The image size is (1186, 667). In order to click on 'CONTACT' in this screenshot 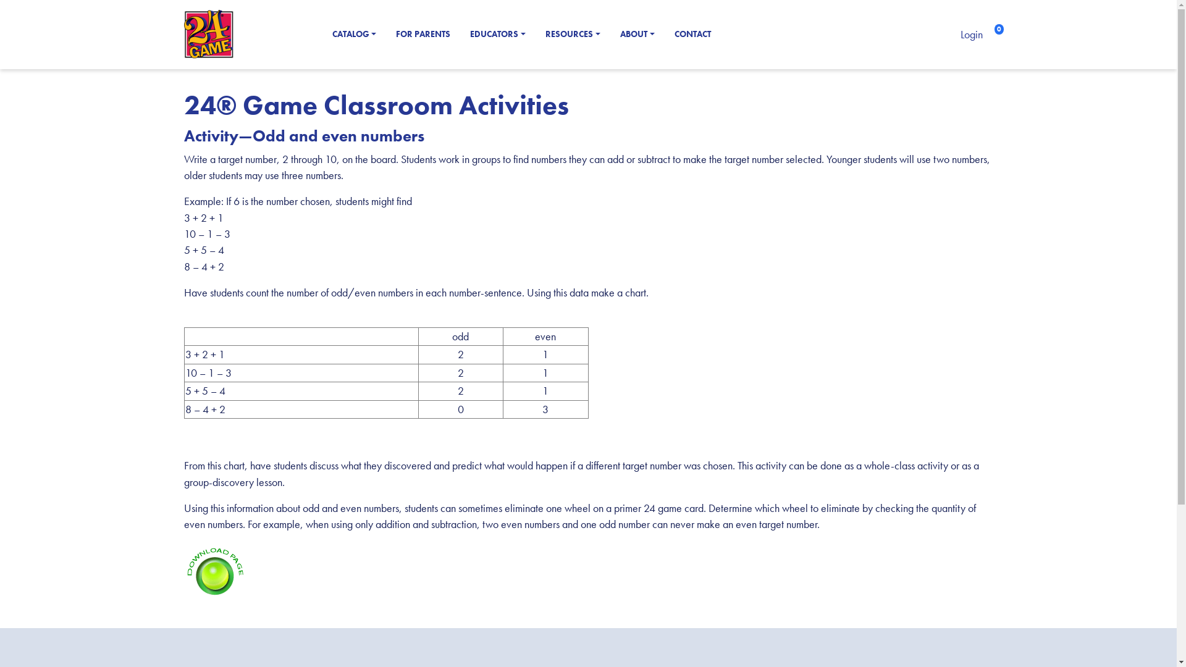, I will do `click(663, 34)`.